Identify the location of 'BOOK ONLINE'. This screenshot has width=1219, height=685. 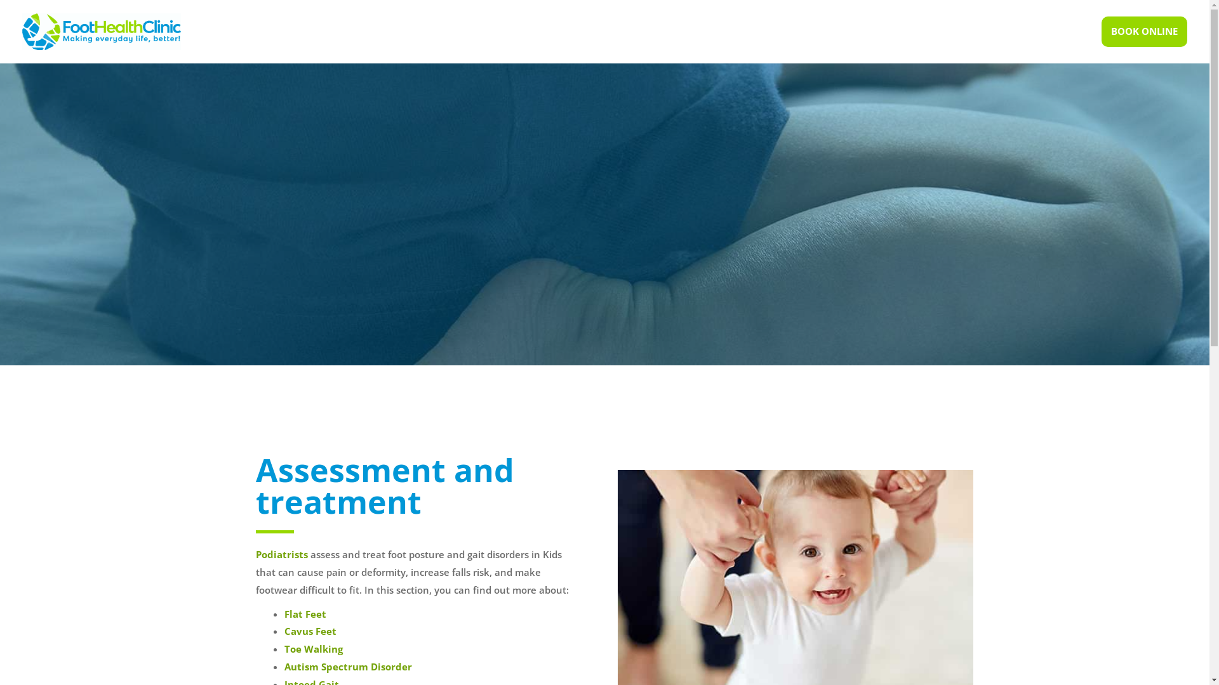
(1144, 31).